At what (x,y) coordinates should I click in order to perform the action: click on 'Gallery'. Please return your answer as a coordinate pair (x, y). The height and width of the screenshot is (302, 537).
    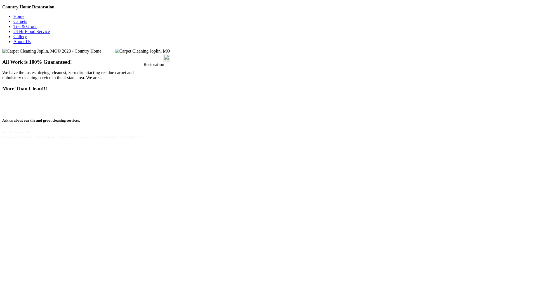
    Looking at the image, I should click on (20, 36).